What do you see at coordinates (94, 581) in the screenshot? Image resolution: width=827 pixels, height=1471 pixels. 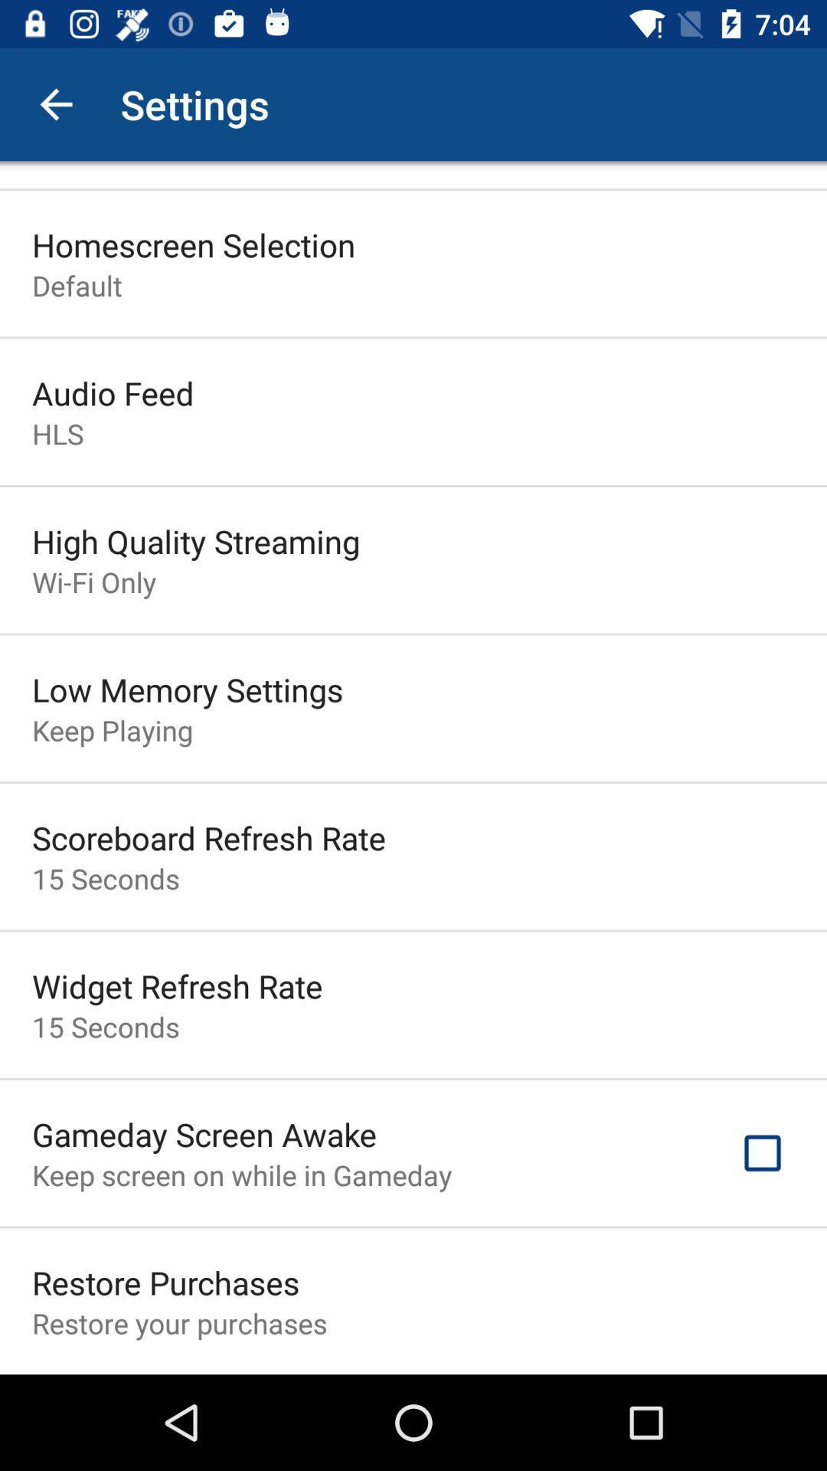 I see `the item above the low memory settings` at bounding box center [94, 581].